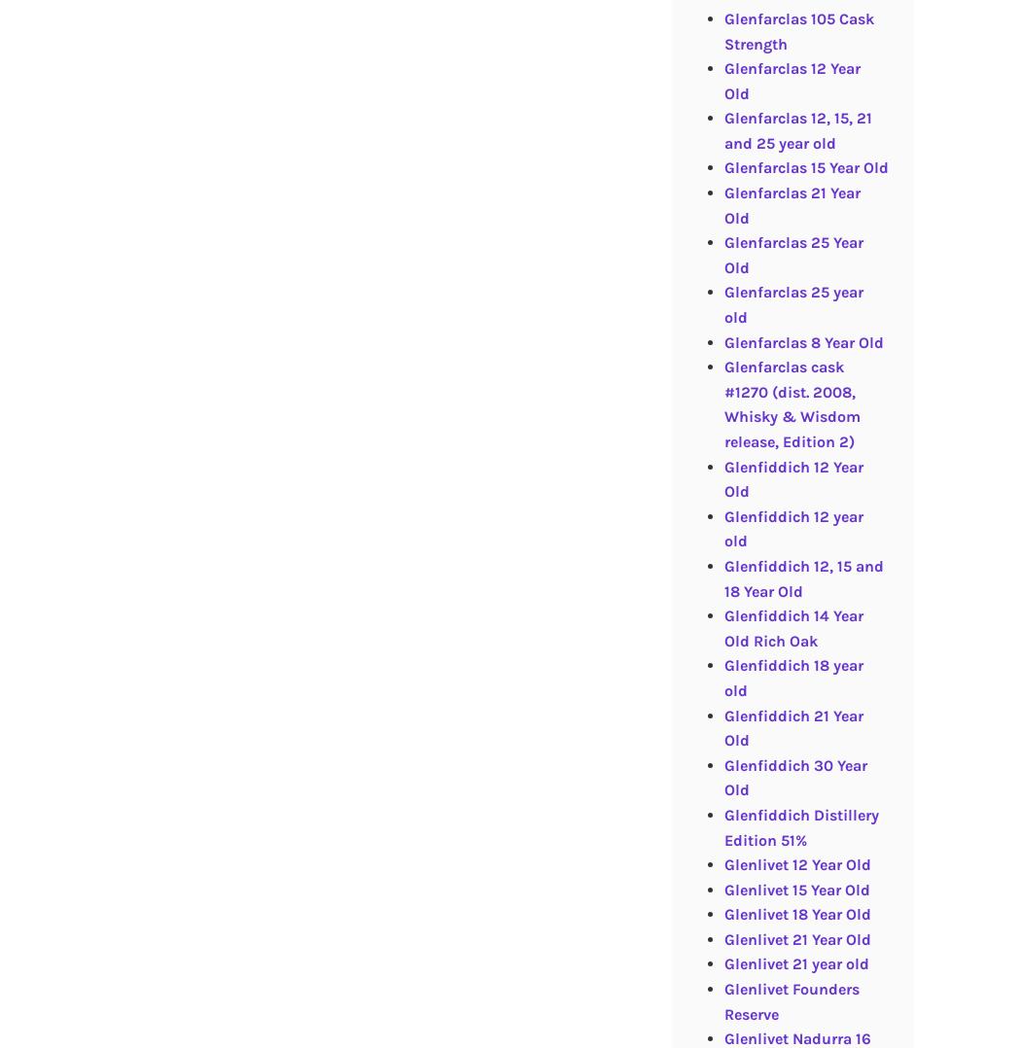 The height and width of the screenshot is (1048, 1021). I want to click on 'Glenfiddich 12 year old', so click(792, 527).